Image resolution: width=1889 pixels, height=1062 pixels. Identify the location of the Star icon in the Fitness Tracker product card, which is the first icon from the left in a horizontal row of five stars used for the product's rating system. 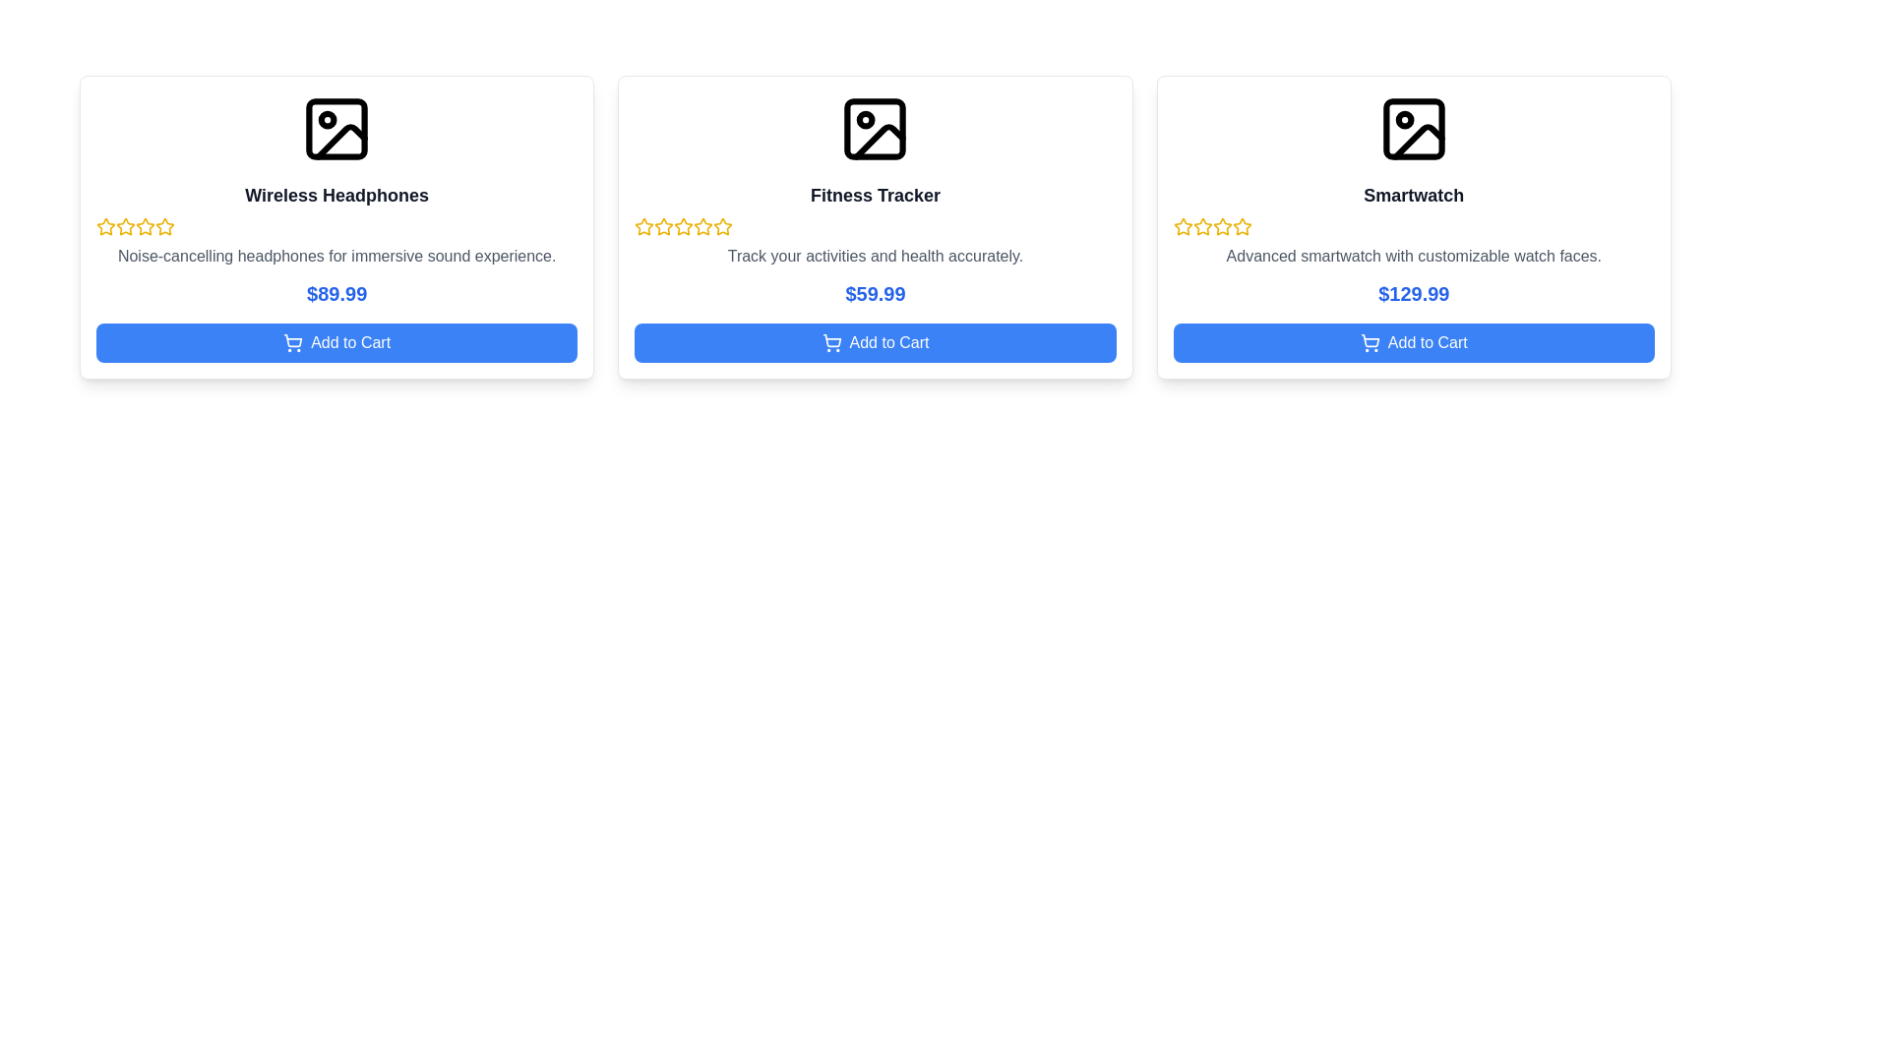
(644, 226).